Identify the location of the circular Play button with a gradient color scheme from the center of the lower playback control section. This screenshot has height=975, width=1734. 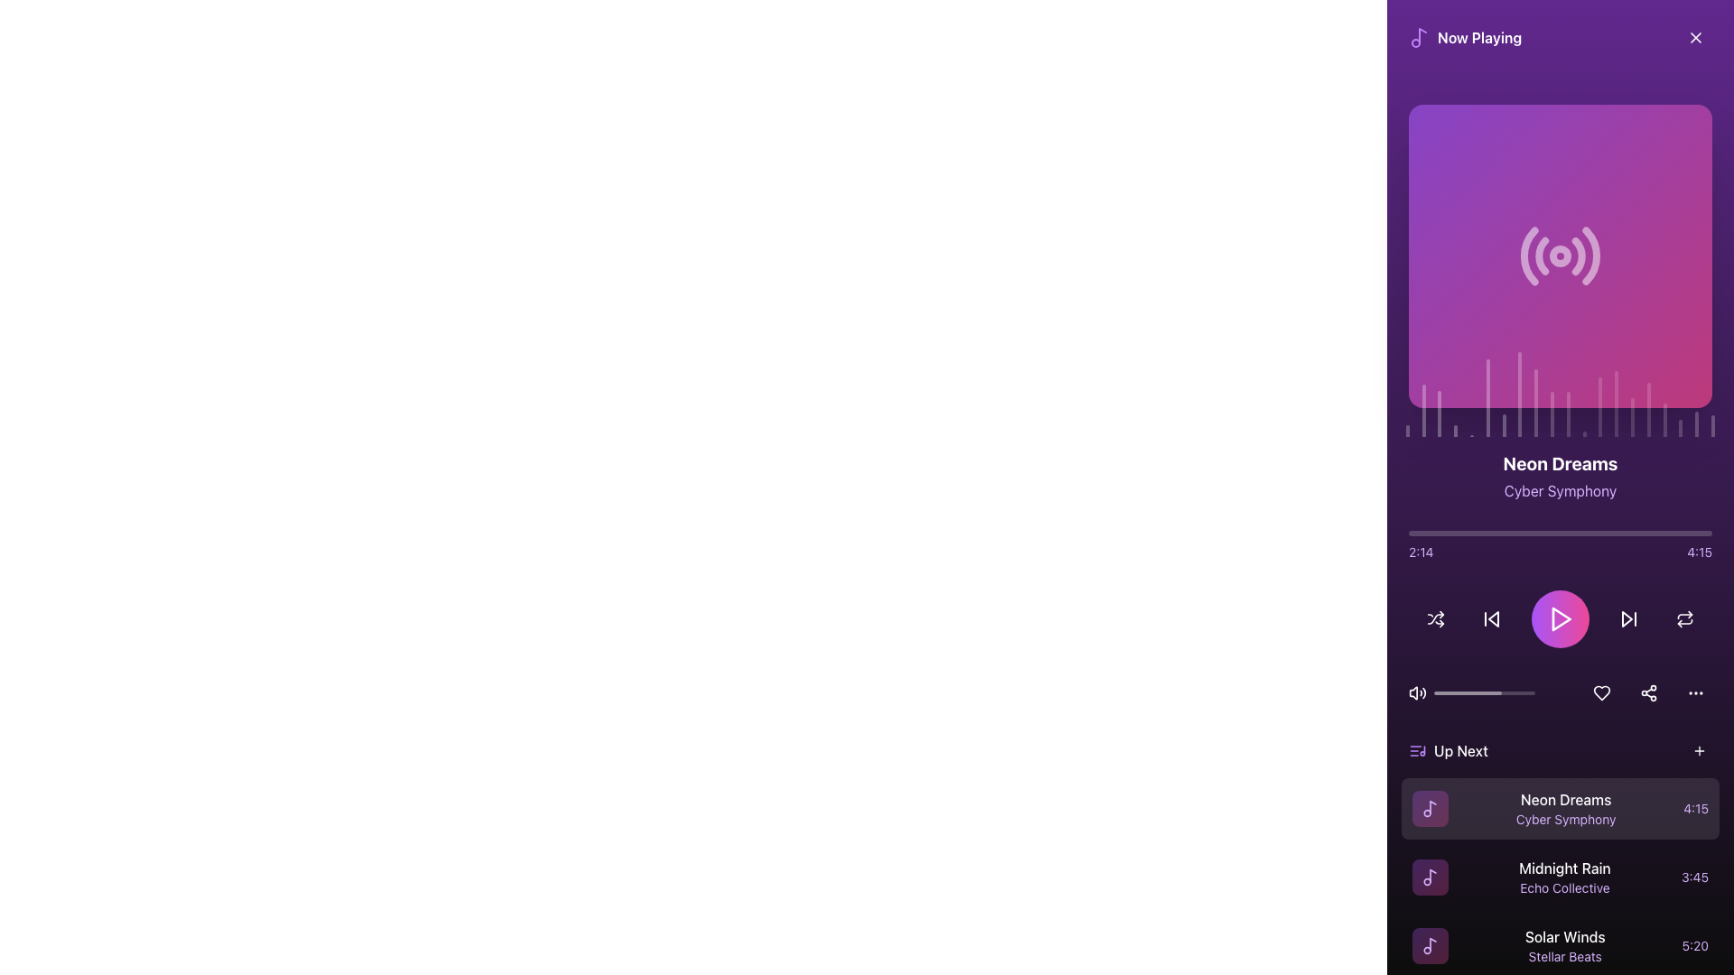
(1560, 618).